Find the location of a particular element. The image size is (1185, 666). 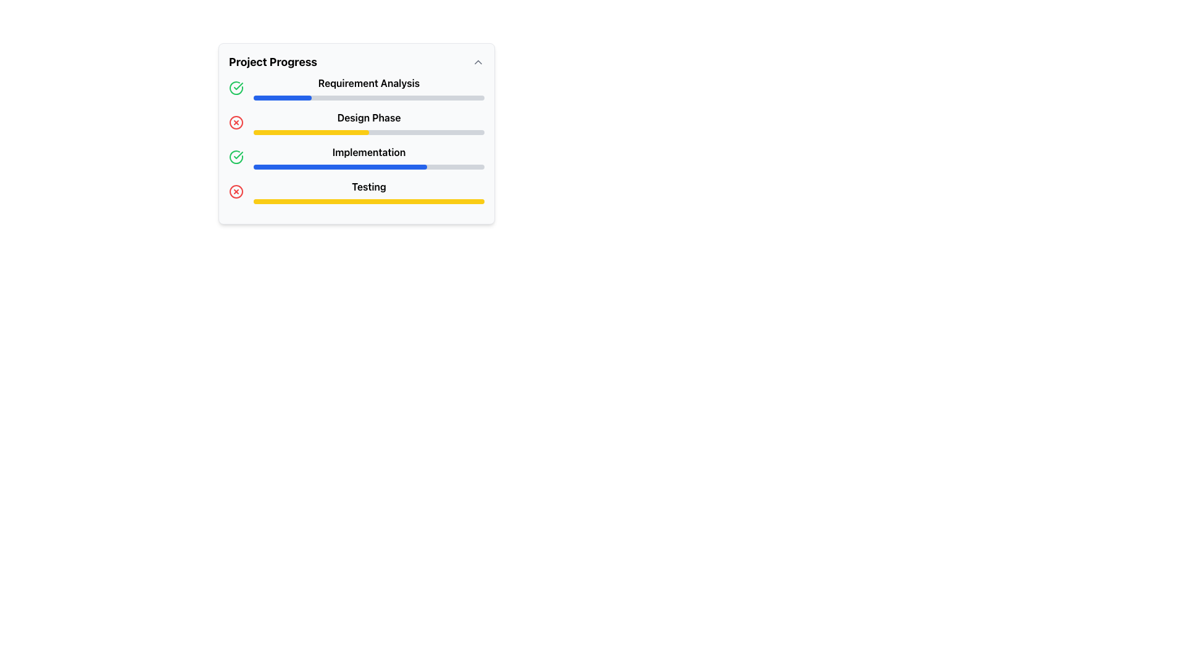

text content of the label that reads 'Design Phase', which is styled in bold font and positioned above a yellow progress bar is located at coordinates (368, 123).